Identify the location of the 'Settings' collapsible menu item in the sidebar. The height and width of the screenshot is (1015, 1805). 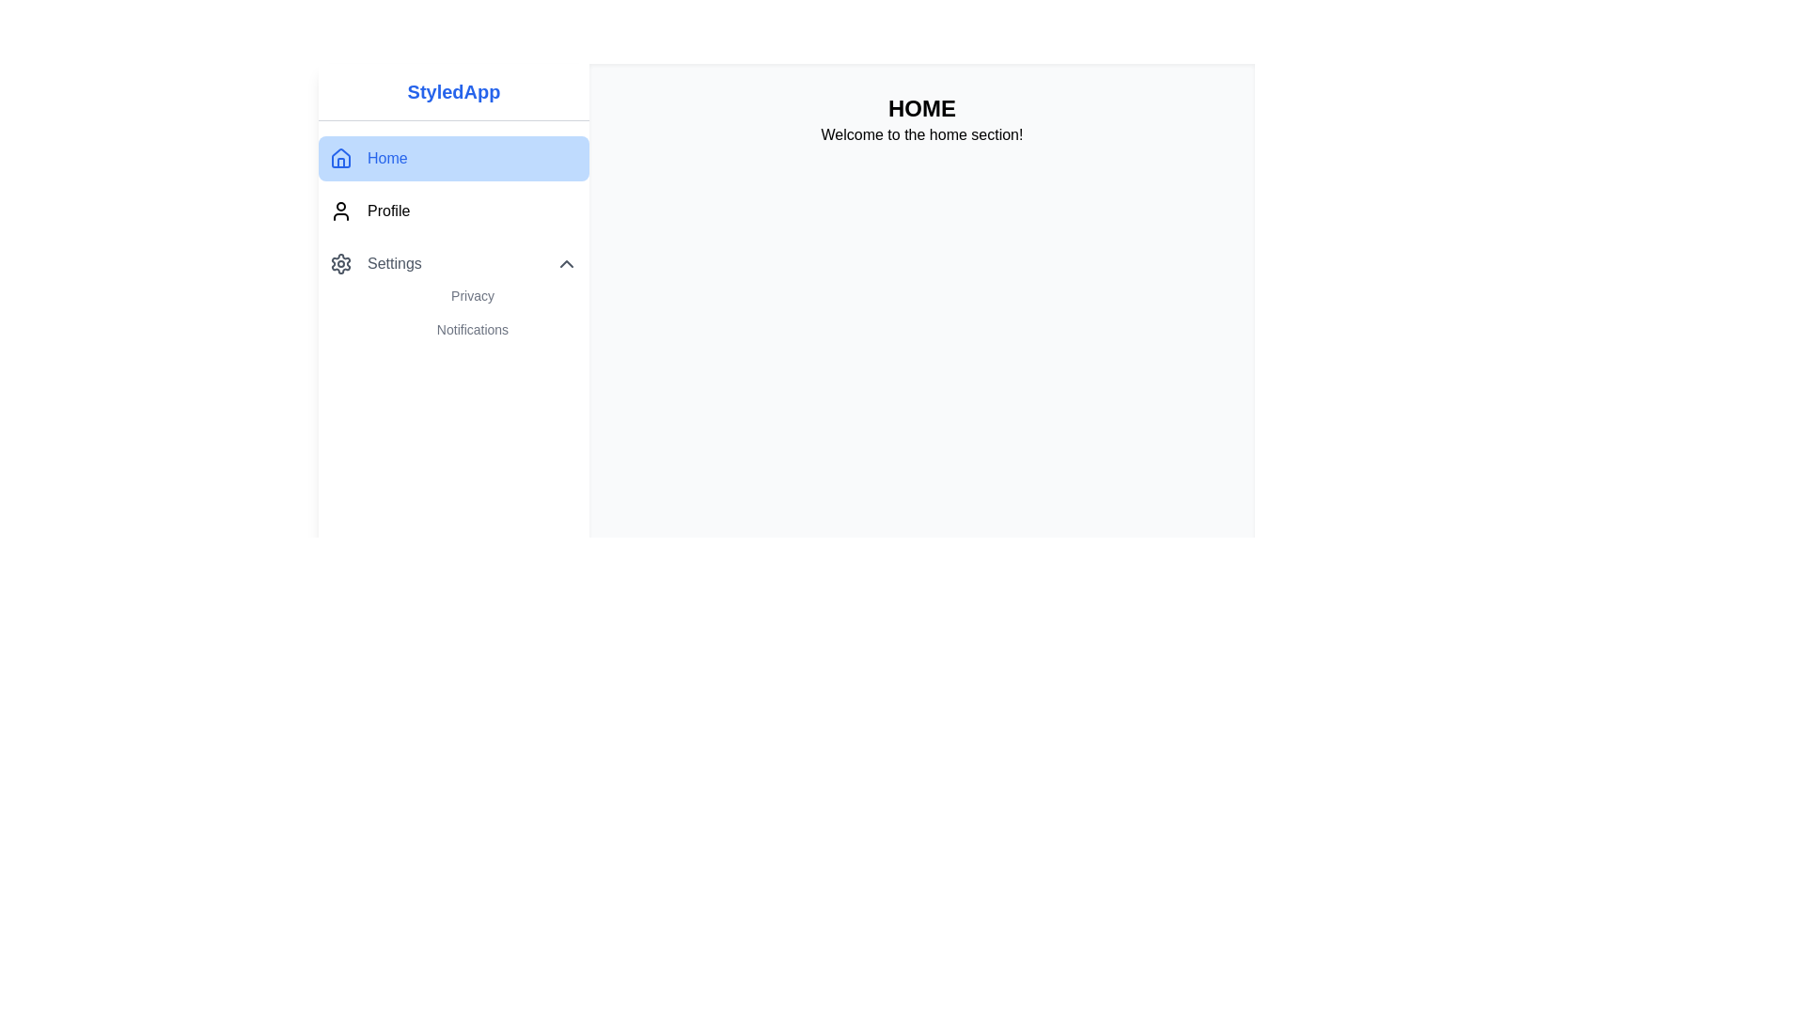
(454, 264).